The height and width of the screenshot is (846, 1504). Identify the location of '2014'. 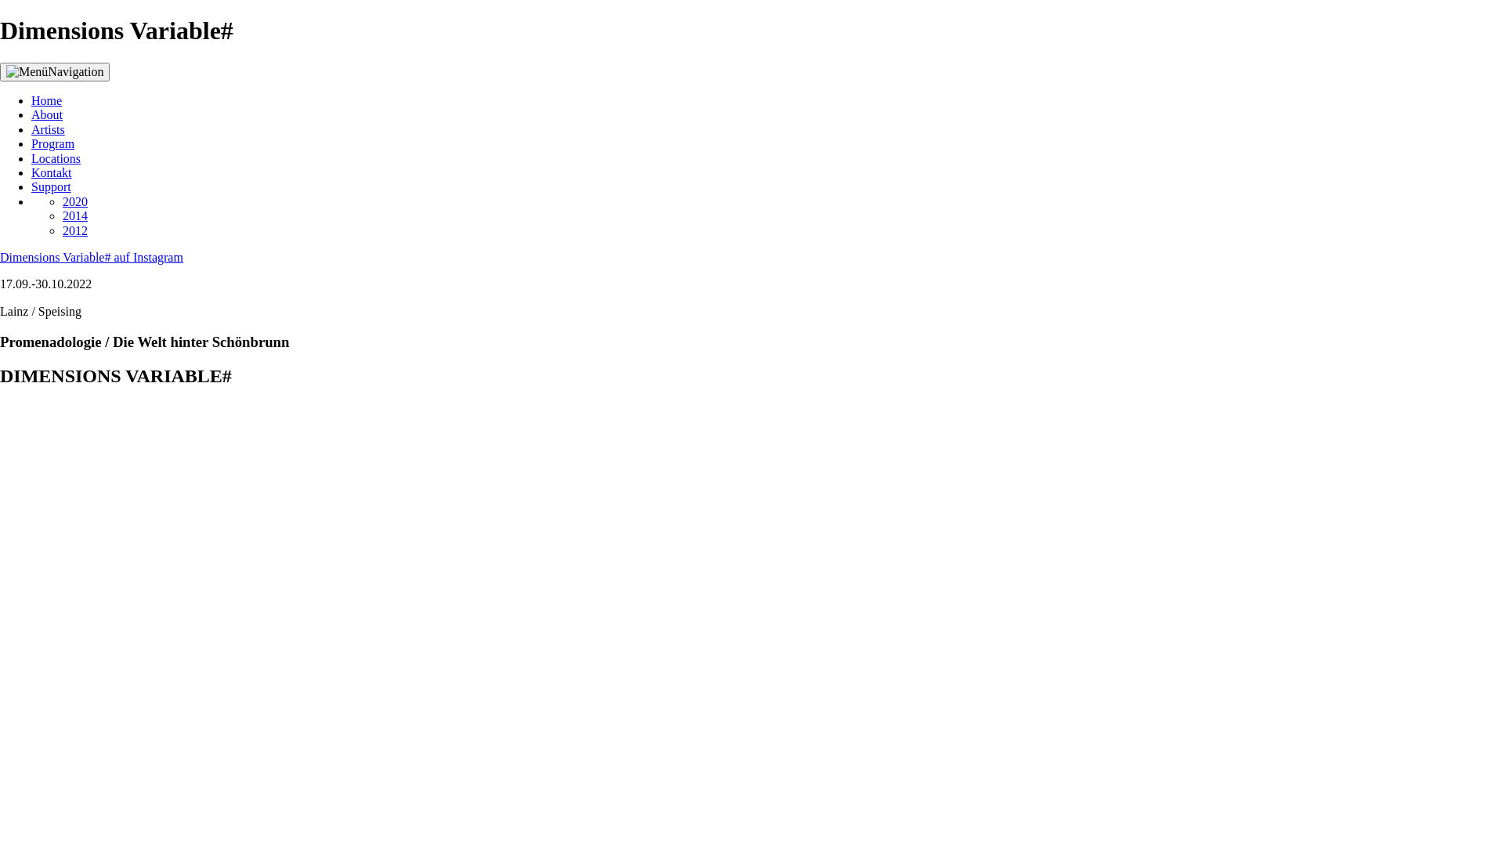
(74, 215).